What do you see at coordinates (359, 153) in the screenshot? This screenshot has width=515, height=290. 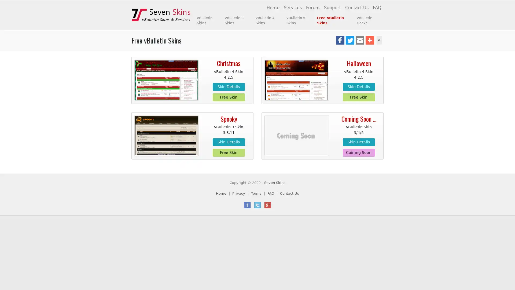 I see `Coimng Soon` at bounding box center [359, 153].